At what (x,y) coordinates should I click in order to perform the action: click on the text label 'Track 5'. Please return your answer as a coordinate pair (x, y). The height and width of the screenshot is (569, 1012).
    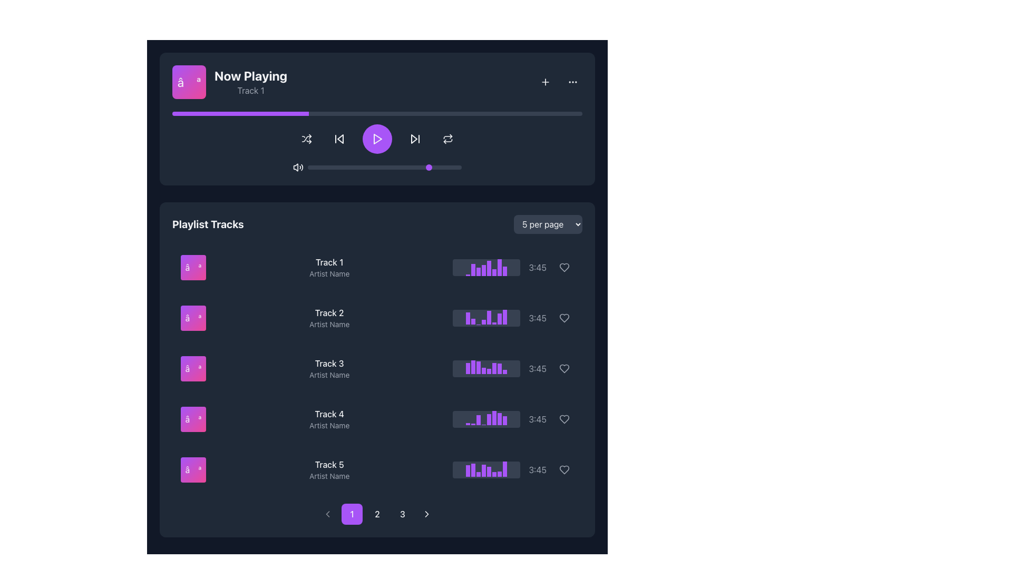
    Looking at the image, I should click on (328, 464).